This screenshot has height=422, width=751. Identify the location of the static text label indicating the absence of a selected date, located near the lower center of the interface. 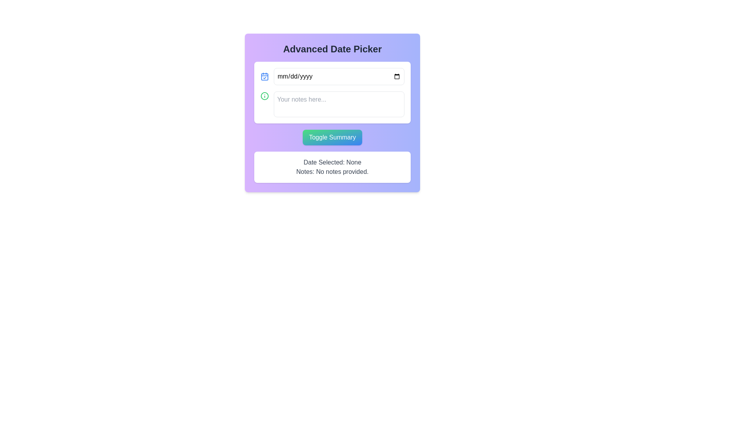
(332, 162).